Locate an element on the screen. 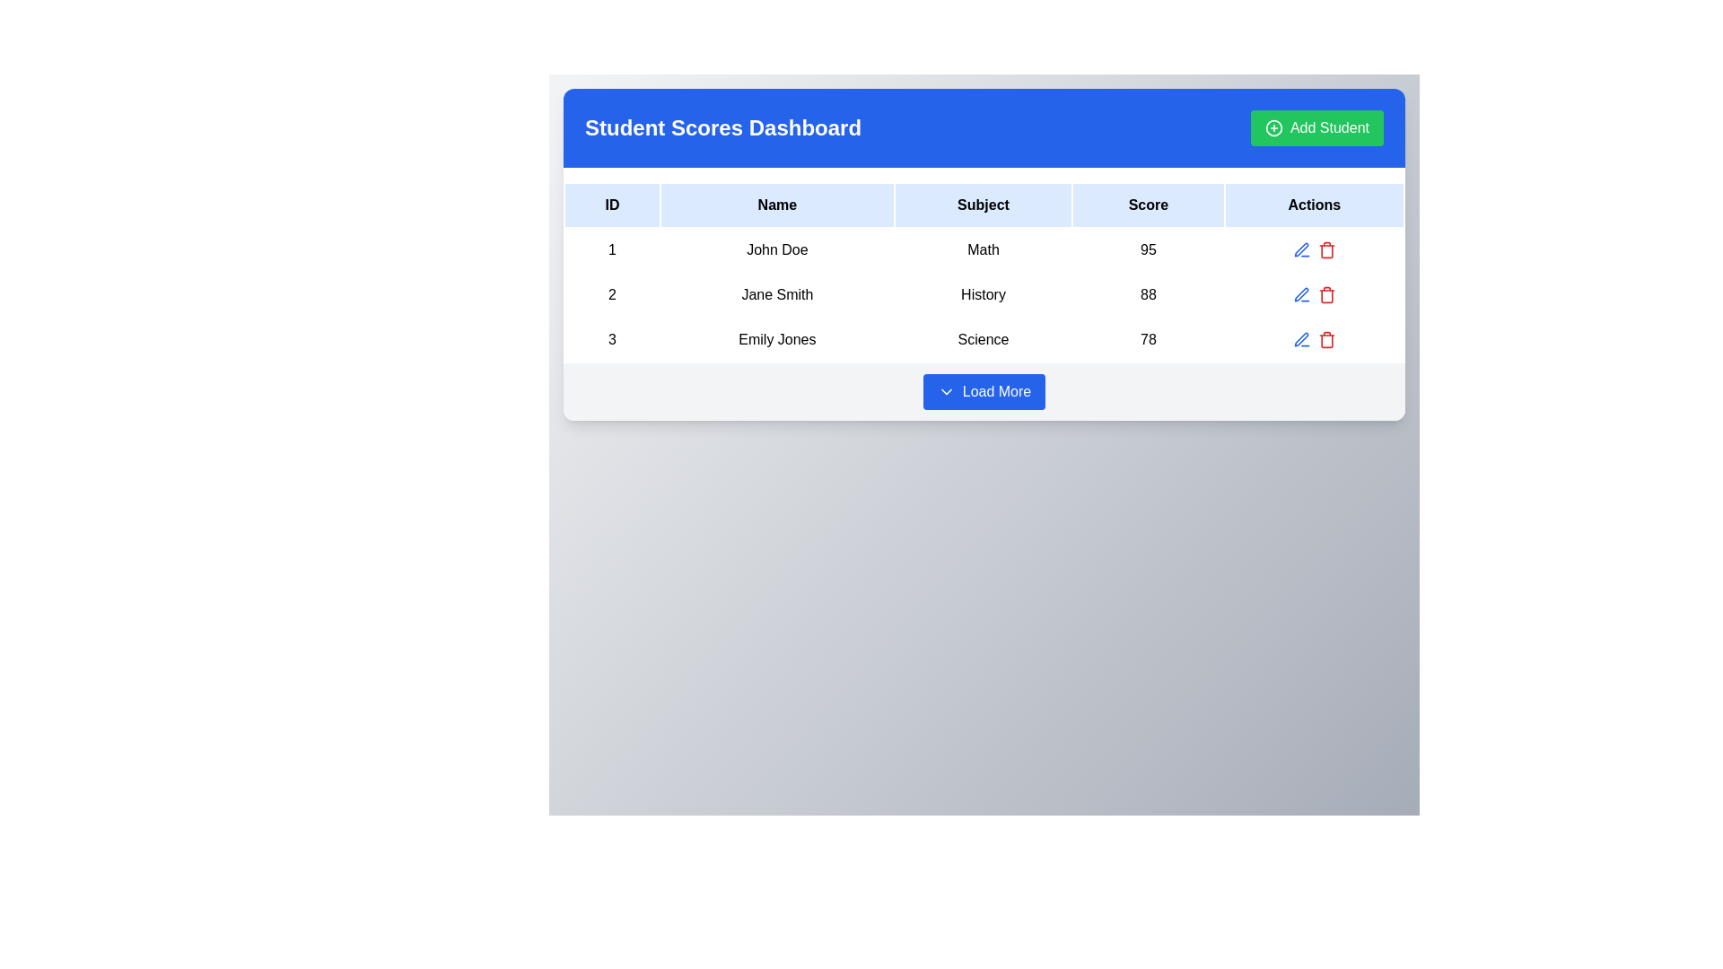 Image resolution: width=1723 pixels, height=969 pixels. the text label displaying the name 'Emily Jones' in the third row of the student data table under the 'Name' column is located at coordinates (777, 339).